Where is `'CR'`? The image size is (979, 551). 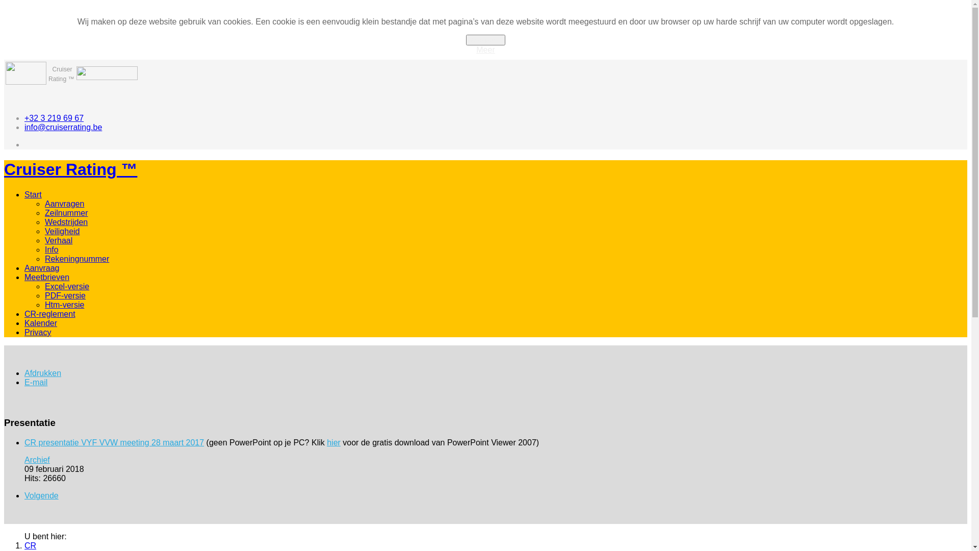
'CR' is located at coordinates (30, 545).